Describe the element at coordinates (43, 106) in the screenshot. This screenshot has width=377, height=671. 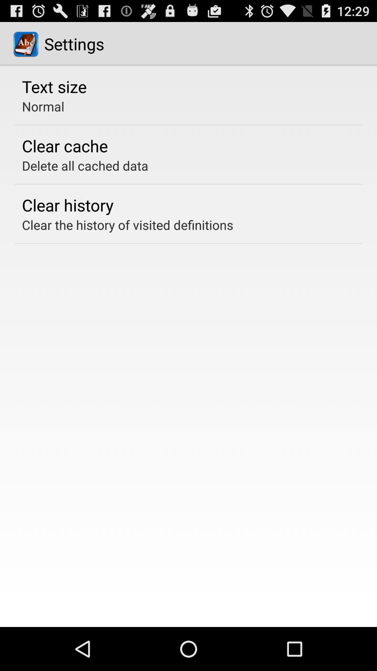
I see `the item below text size item` at that location.